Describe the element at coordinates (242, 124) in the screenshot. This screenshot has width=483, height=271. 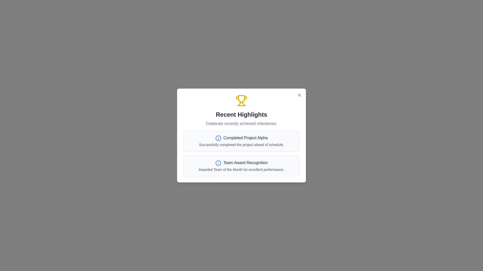
I see `the text label displaying 'Celebrate recently achieved milestones.' which is located beneath the header 'Recent Highlights' in a centered modal` at that location.